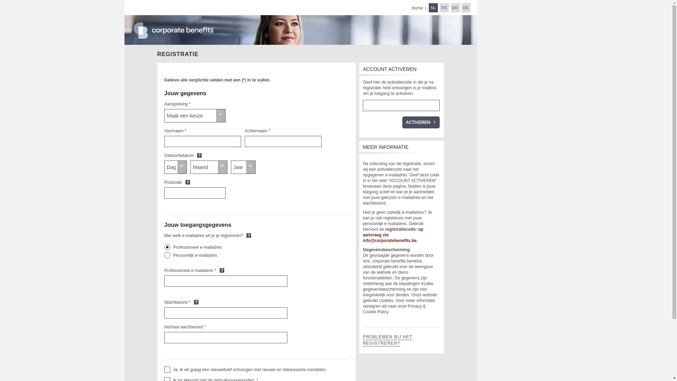 This screenshot has height=381, width=677. I want to click on 'PROBLEMEN BIJ HET REGISTREREN?', so click(387, 340).